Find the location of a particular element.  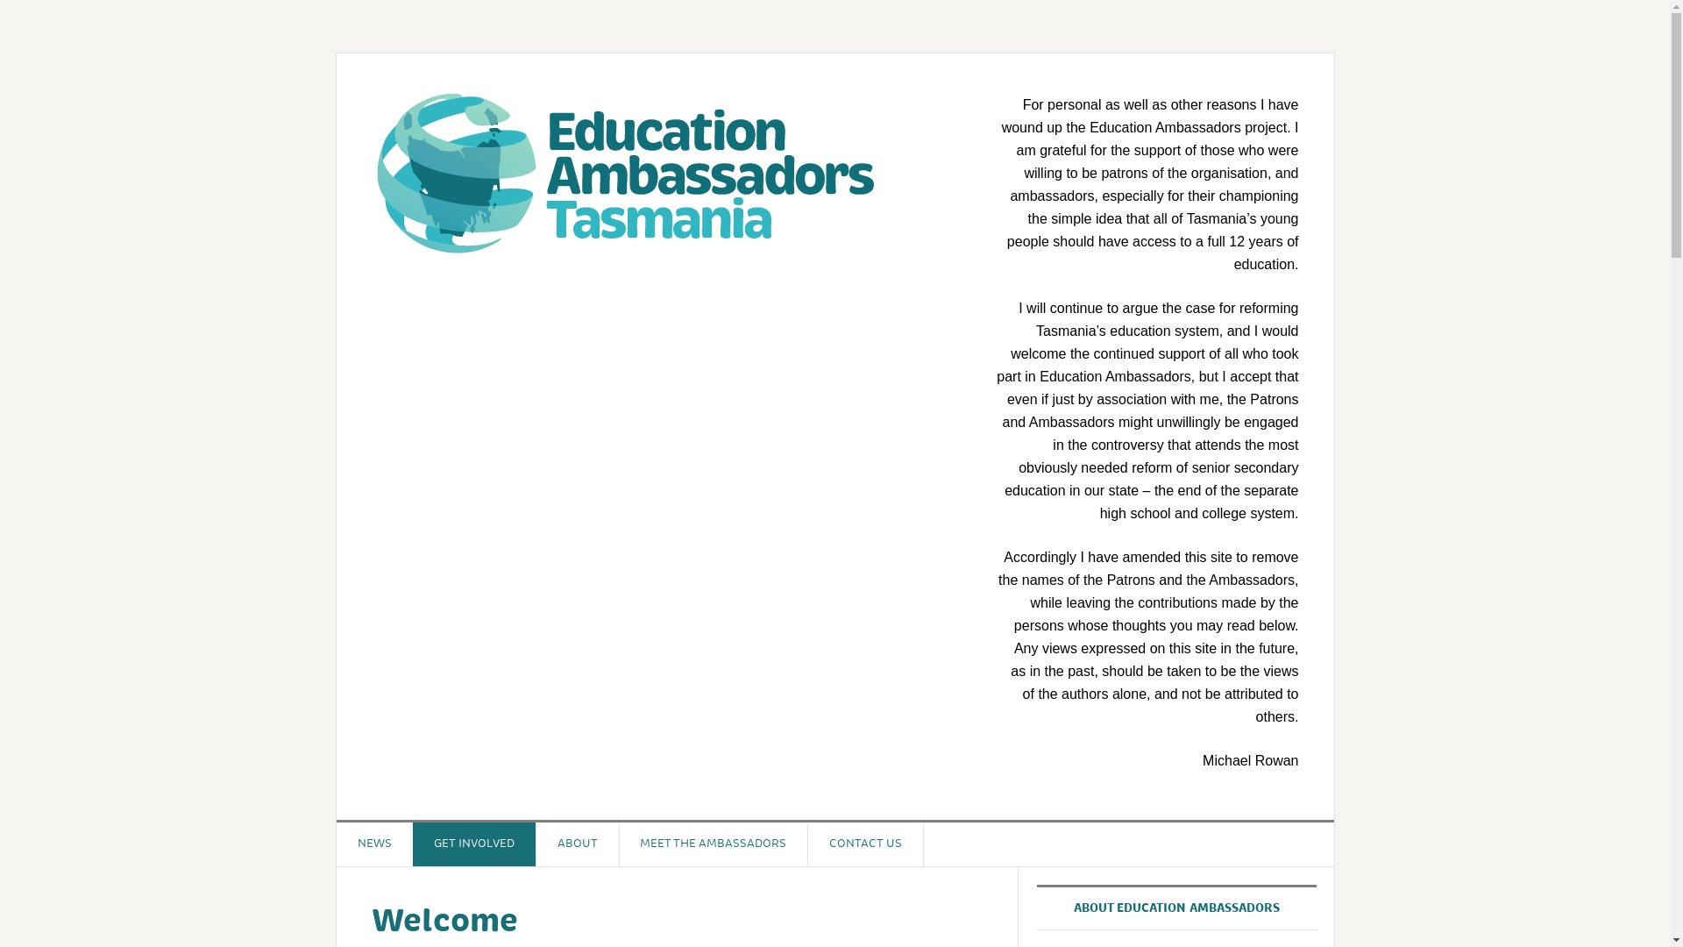

'ABOUT' is located at coordinates (535, 844).